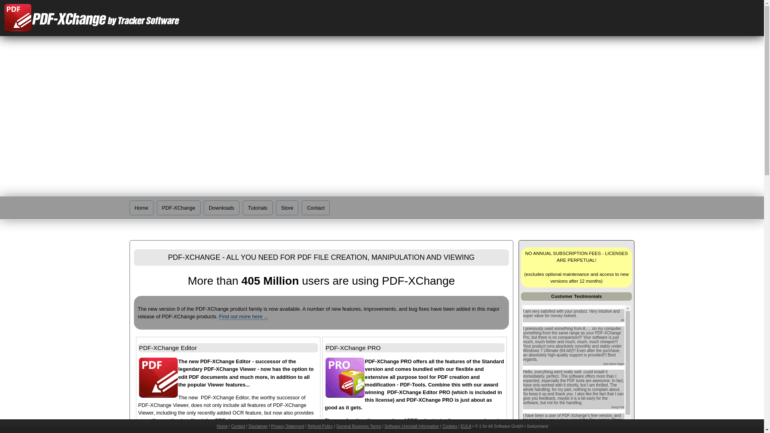 The height and width of the screenshot is (433, 770). Describe the element at coordinates (141, 207) in the screenshot. I see `'Home'` at that location.